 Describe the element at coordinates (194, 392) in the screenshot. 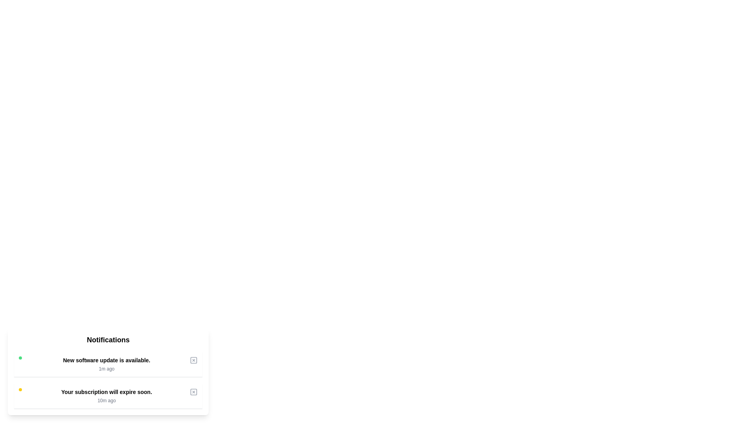

I see `the close button of the notification titled 'Your subscription will expire soon' to observe the color change` at that location.